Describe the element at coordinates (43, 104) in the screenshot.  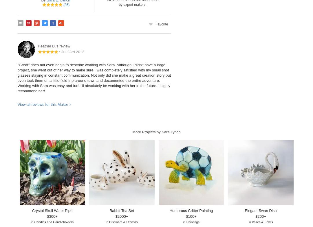
I see `'View all reviews for this Maker'` at that location.